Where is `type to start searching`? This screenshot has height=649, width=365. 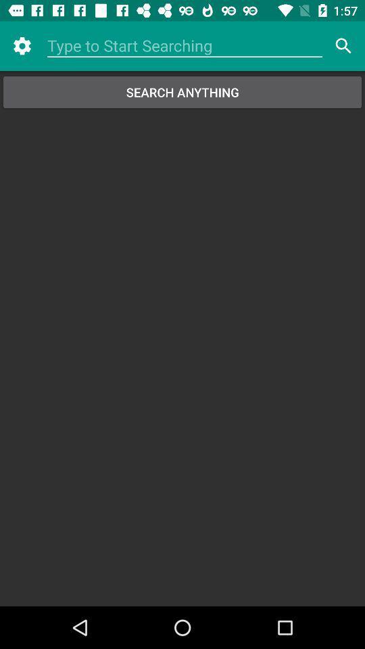 type to start searching is located at coordinates (184, 46).